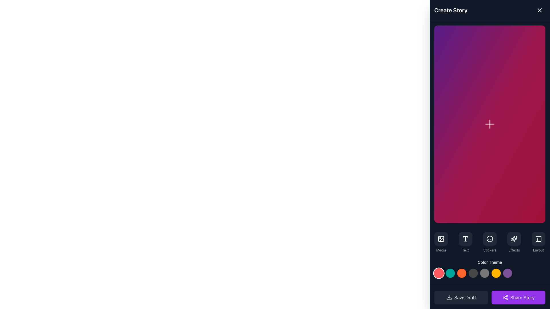  Describe the element at coordinates (489, 238) in the screenshot. I see `the sticker icon button located in the bottom section of the interface, which is part of a group of rounded buttons on the right-hand side` at that location.